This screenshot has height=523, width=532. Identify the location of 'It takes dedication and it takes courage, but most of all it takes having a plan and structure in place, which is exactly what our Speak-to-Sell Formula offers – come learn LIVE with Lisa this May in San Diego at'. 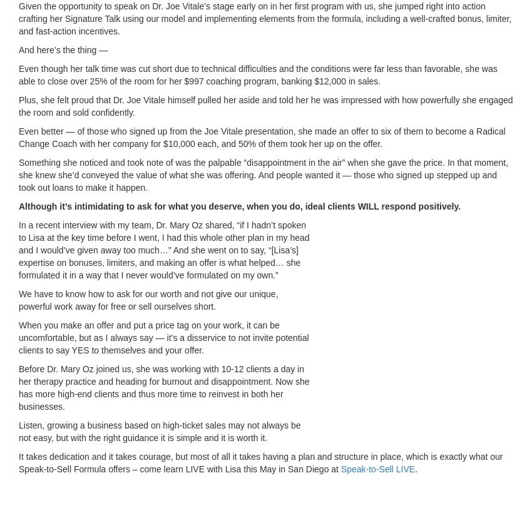
(260, 462).